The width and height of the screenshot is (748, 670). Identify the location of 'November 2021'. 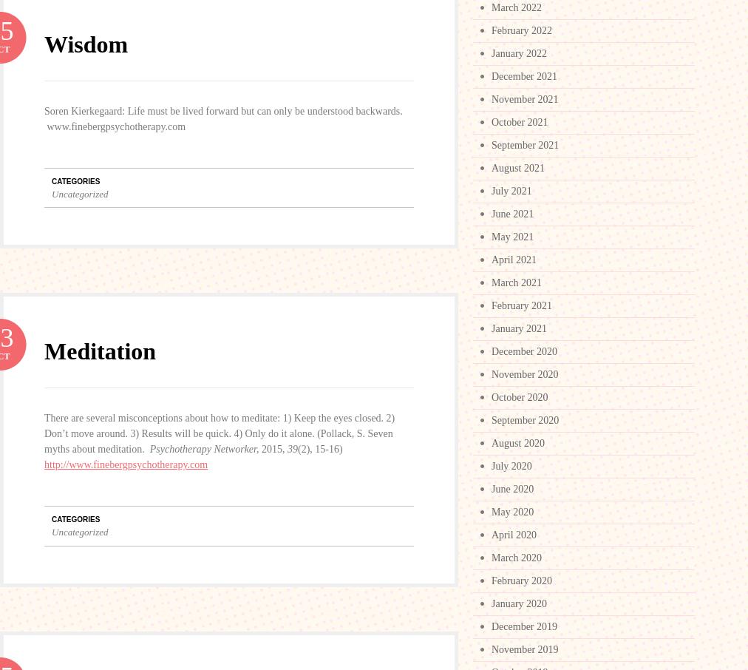
(525, 98).